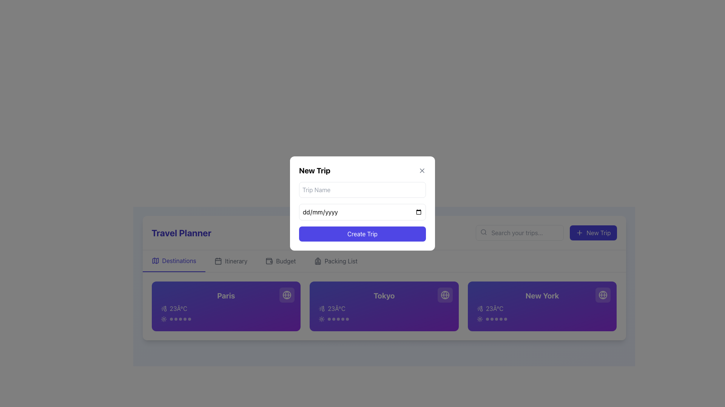 The width and height of the screenshot is (725, 407). What do you see at coordinates (336, 308) in the screenshot?
I see `the text label displaying '23°C' in light gray color, located within the 'Tokyo' card, near the thermometer icon` at bounding box center [336, 308].